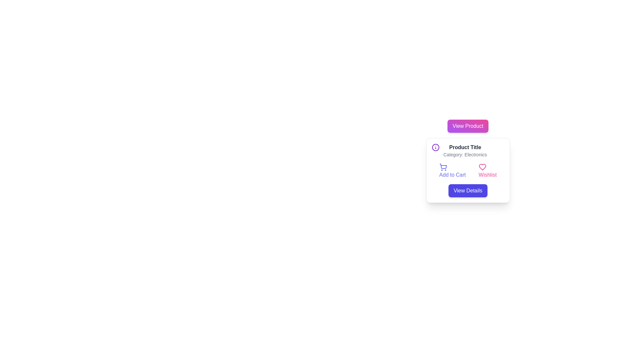 Image resolution: width=629 pixels, height=354 pixels. Describe the element at coordinates (452, 170) in the screenshot. I see `the 'Add to Cart' button located on the left side of the row beneath the product information` at that location.